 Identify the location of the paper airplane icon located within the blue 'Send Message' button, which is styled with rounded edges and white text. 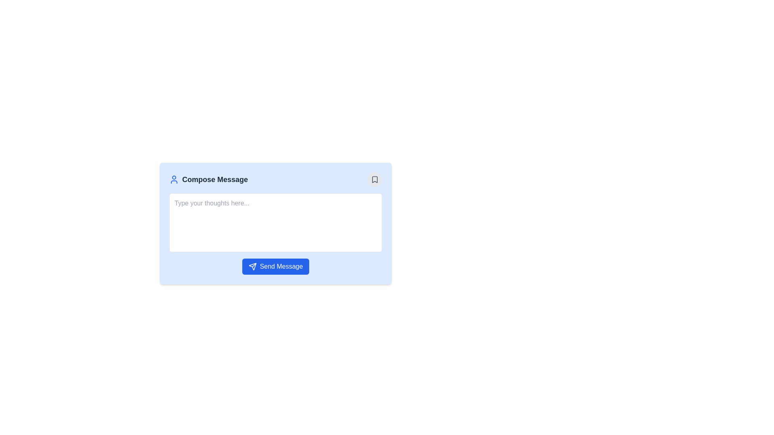
(252, 267).